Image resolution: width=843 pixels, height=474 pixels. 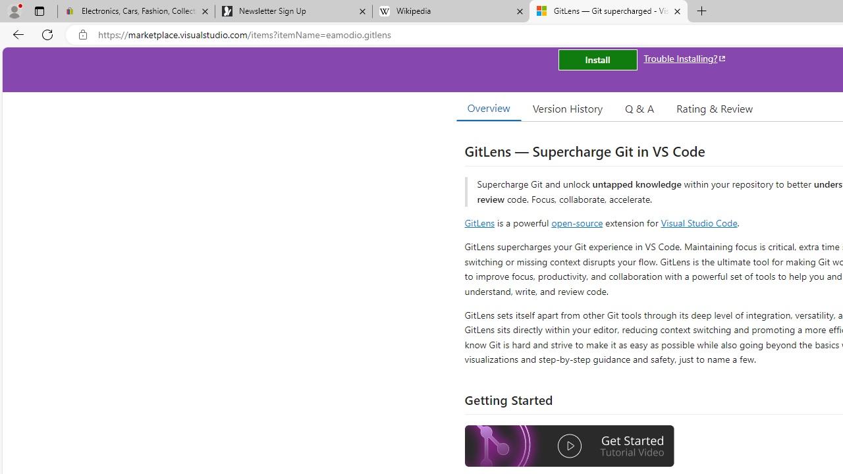 What do you see at coordinates (39, 11) in the screenshot?
I see `'Tab actions menu'` at bounding box center [39, 11].